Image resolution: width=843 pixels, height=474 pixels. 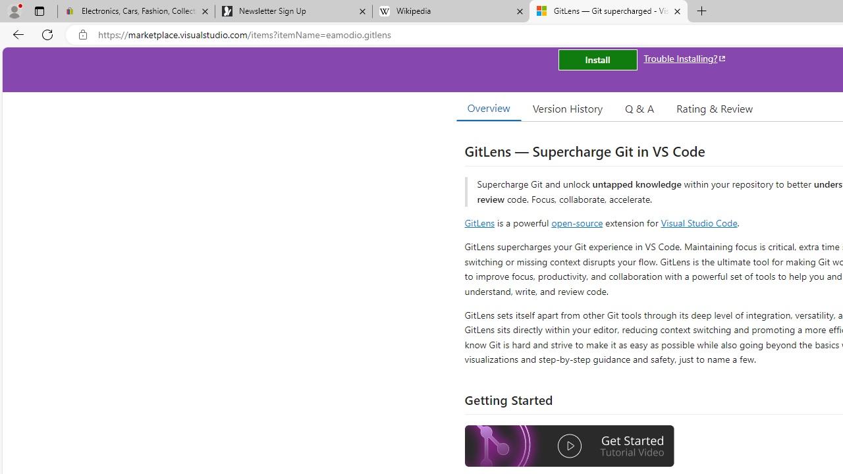 What do you see at coordinates (39, 11) in the screenshot?
I see `'Tab actions menu'` at bounding box center [39, 11].